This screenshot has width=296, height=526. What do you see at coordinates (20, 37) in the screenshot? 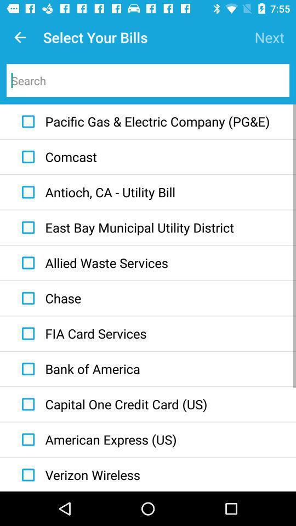
I see `icon next to the select your bills icon` at bounding box center [20, 37].